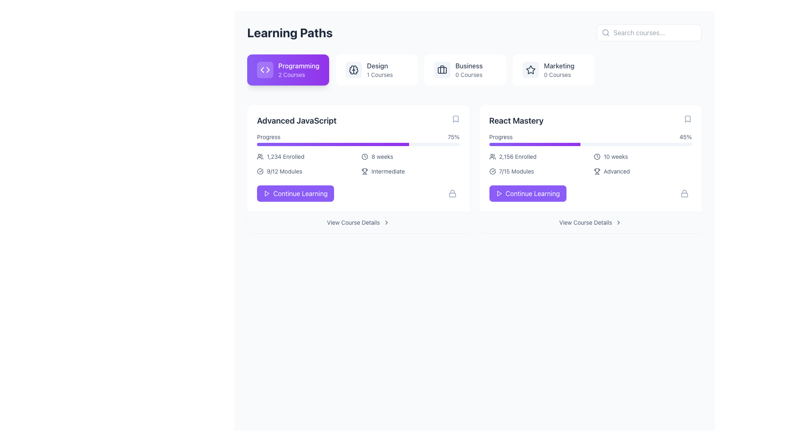 The width and height of the screenshot is (787, 442). What do you see at coordinates (554, 69) in the screenshot?
I see `the 'Marketing' button` at bounding box center [554, 69].